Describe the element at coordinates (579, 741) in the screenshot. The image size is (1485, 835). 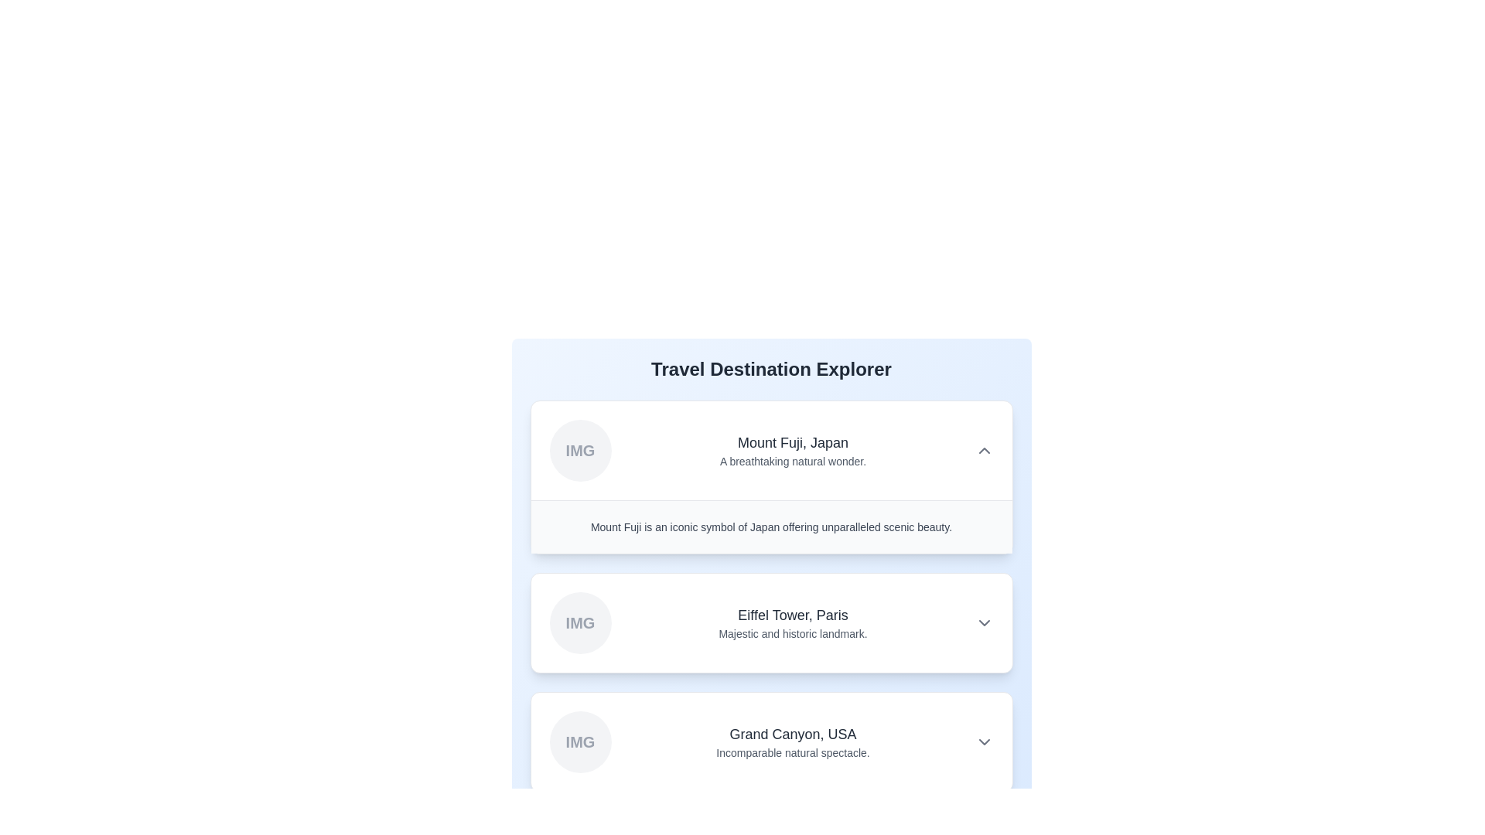
I see `the image placeholder of the destination Grand Canyon, USA` at that location.